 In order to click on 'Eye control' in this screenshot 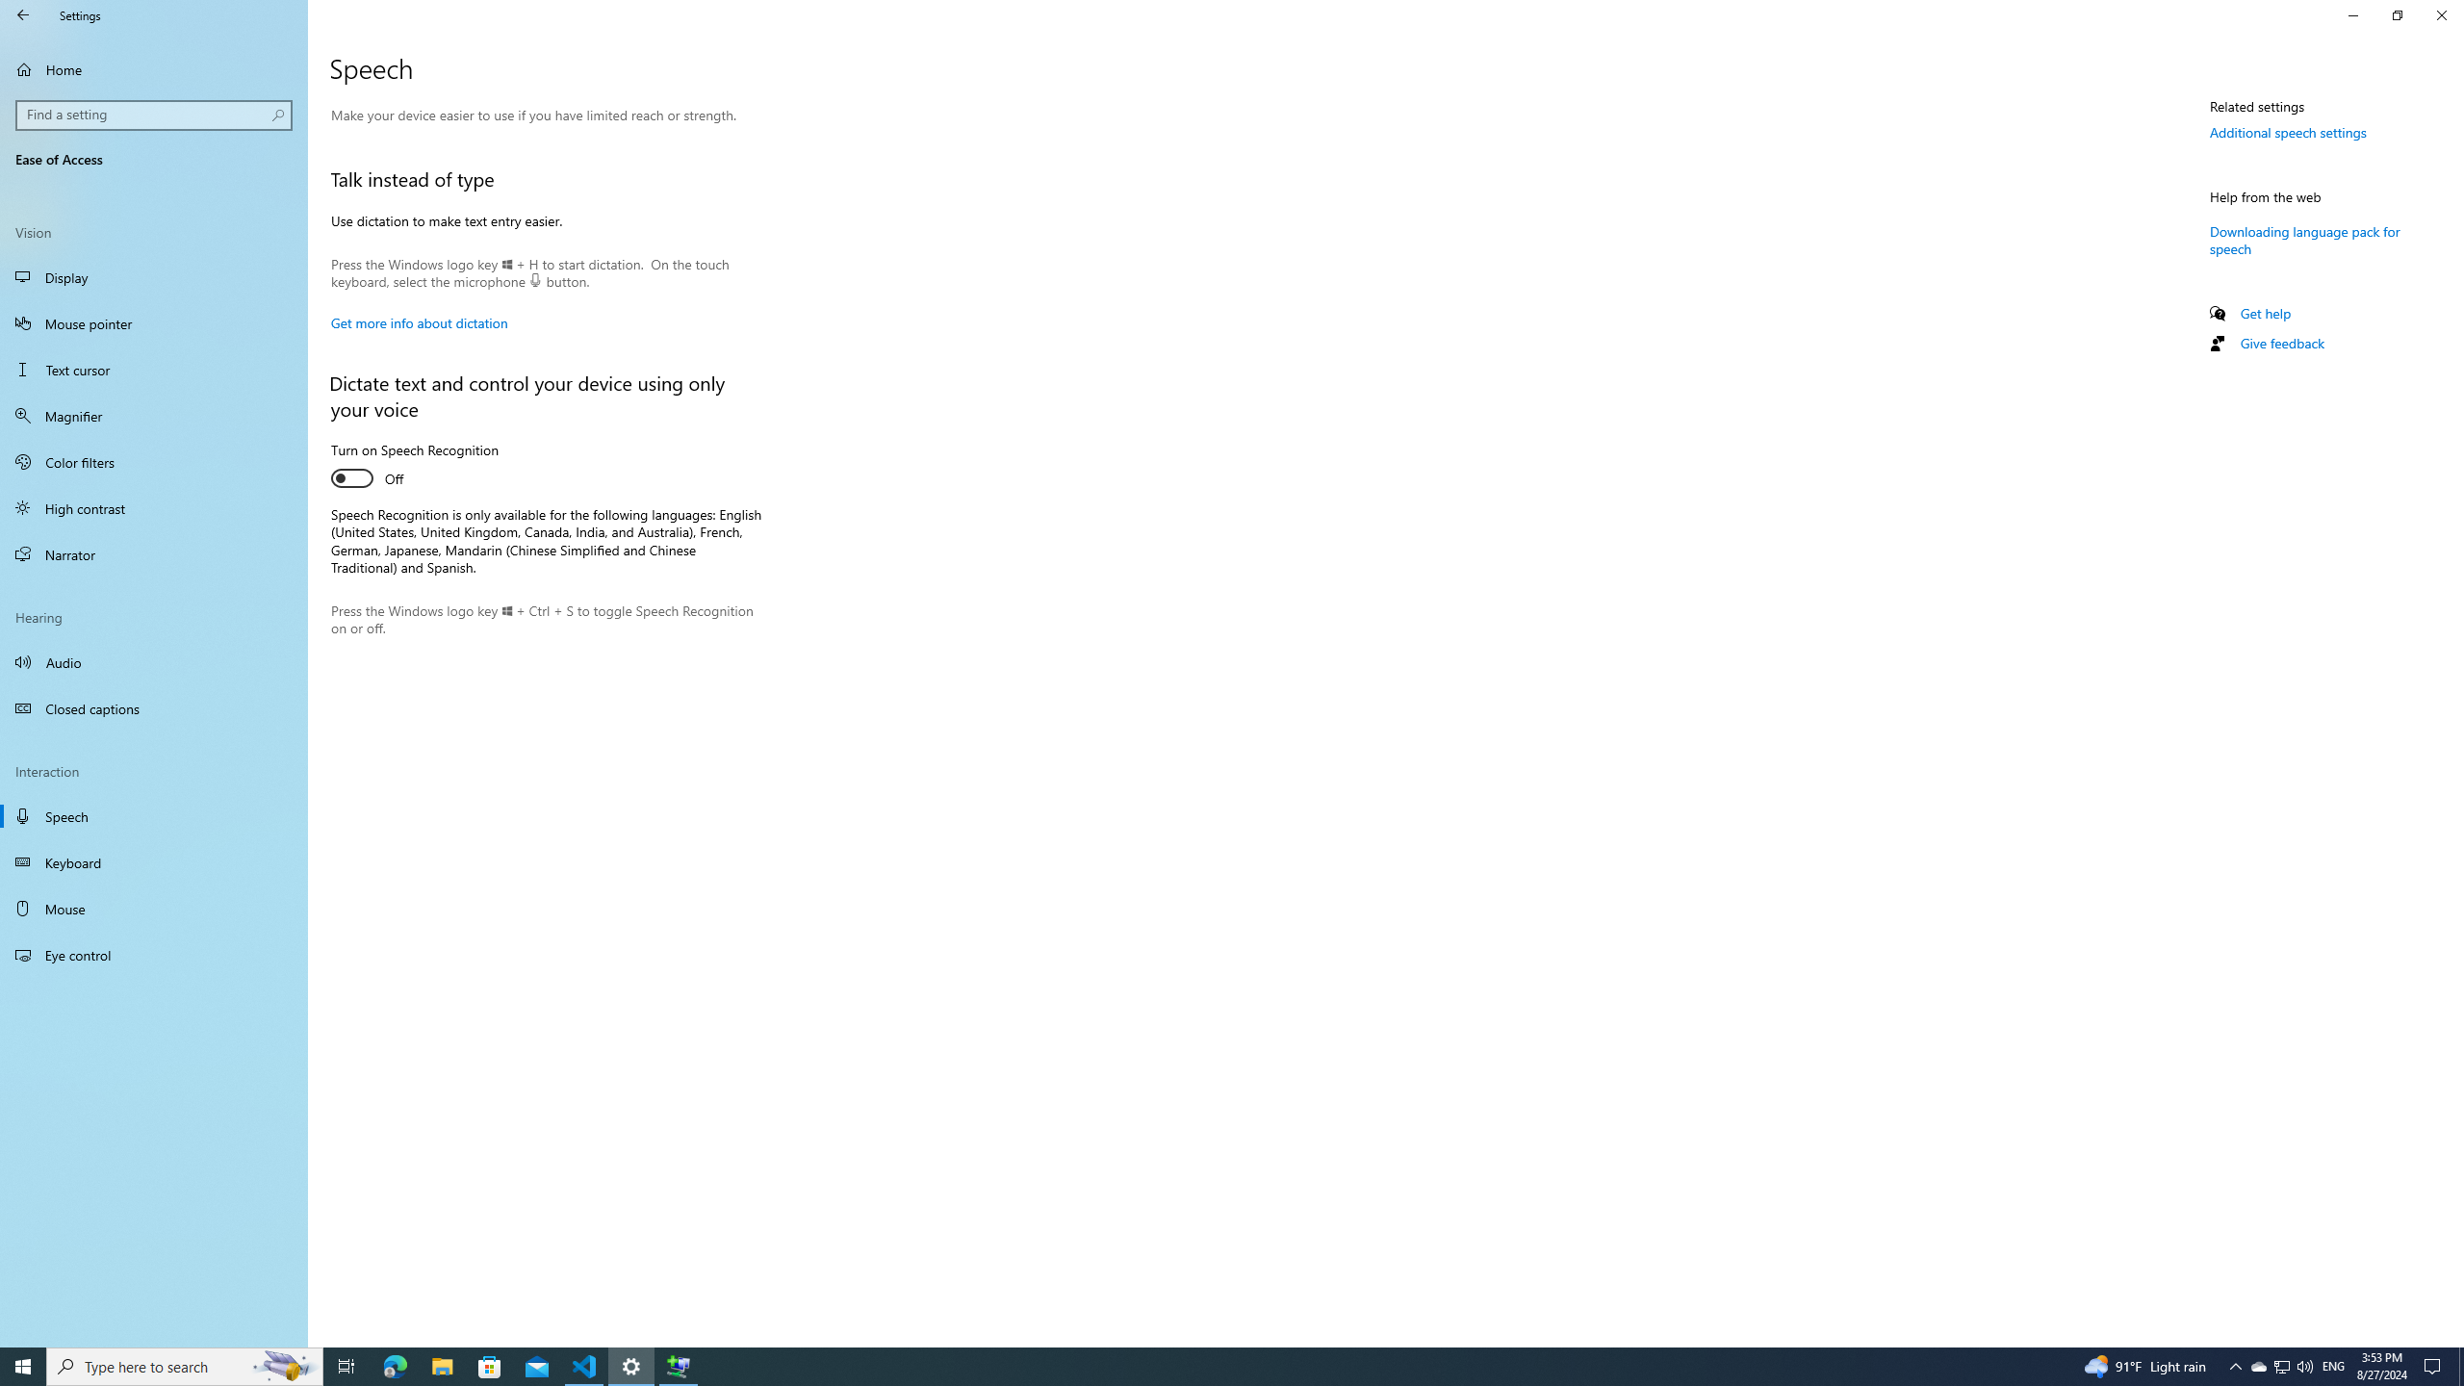, I will do `click(153, 954)`.